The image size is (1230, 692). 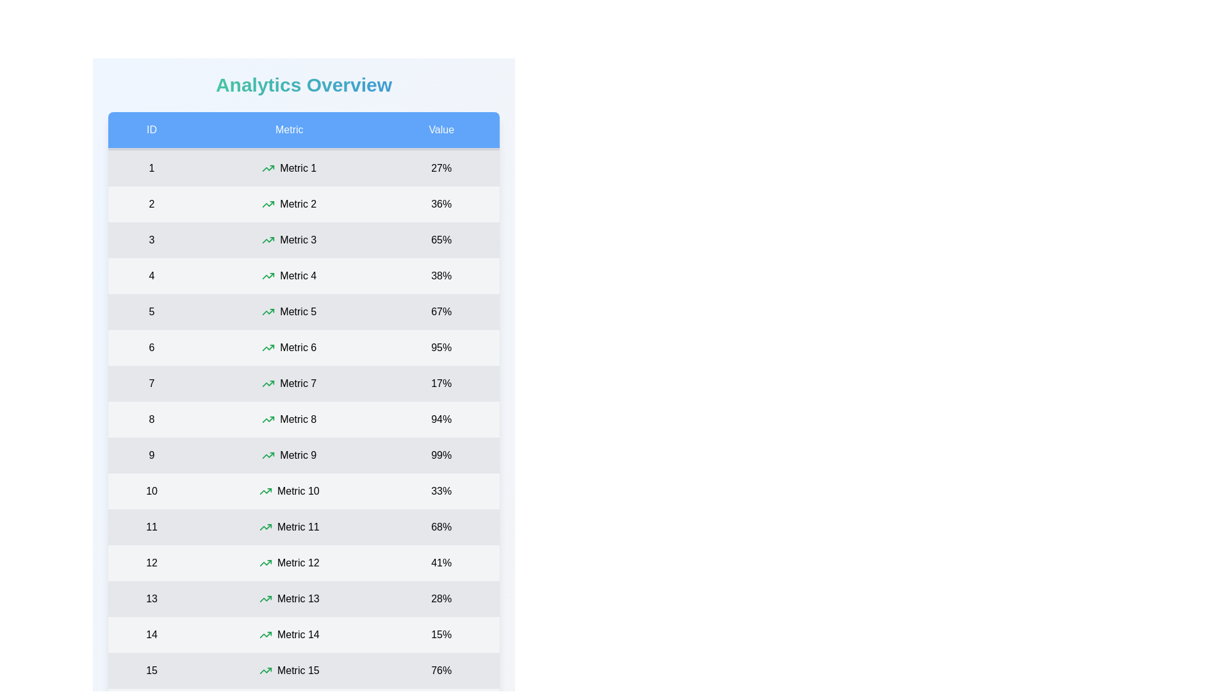 What do you see at coordinates (152, 131) in the screenshot?
I see `the column header 'ID' to sort the table by that column` at bounding box center [152, 131].